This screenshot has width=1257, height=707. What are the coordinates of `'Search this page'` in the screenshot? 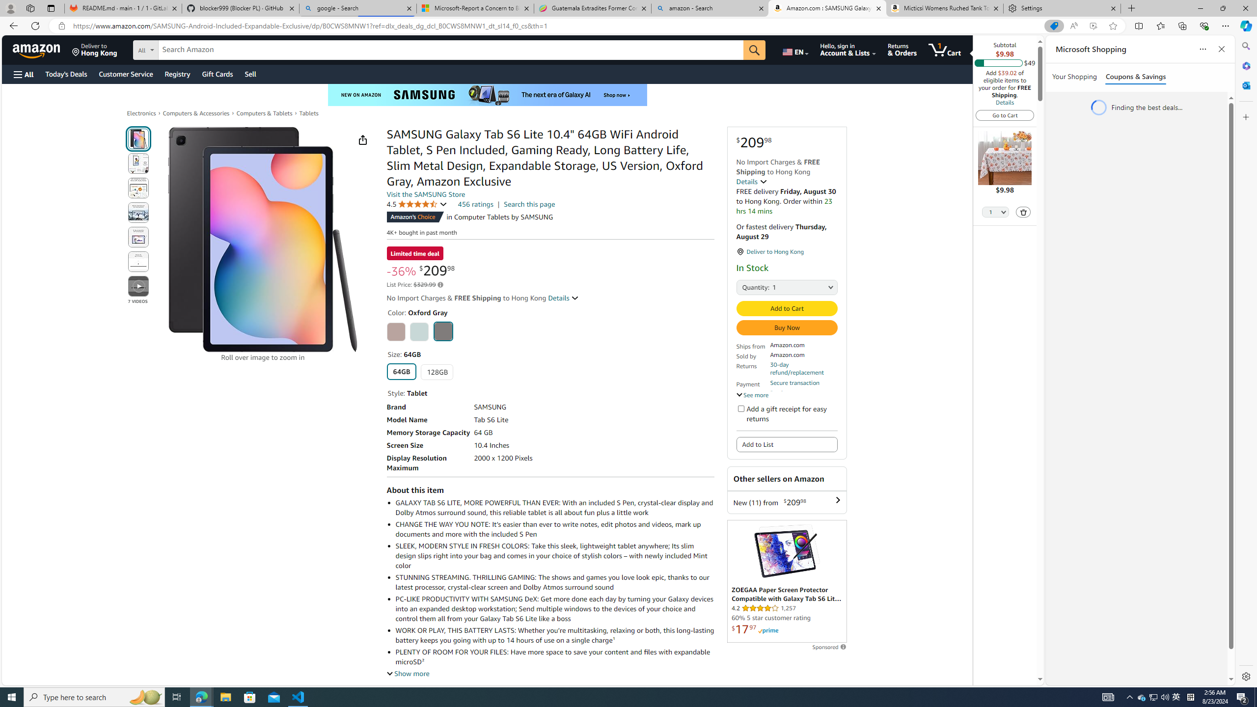 It's located at (530, 204).